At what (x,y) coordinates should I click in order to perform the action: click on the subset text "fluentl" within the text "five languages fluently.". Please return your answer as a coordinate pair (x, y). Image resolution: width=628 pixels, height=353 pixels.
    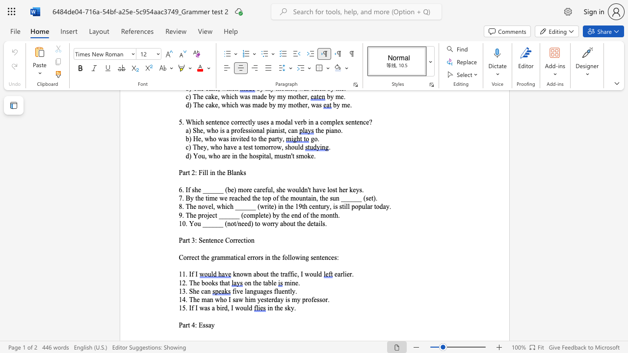
    Looking at the image, I should click on (274, 291).